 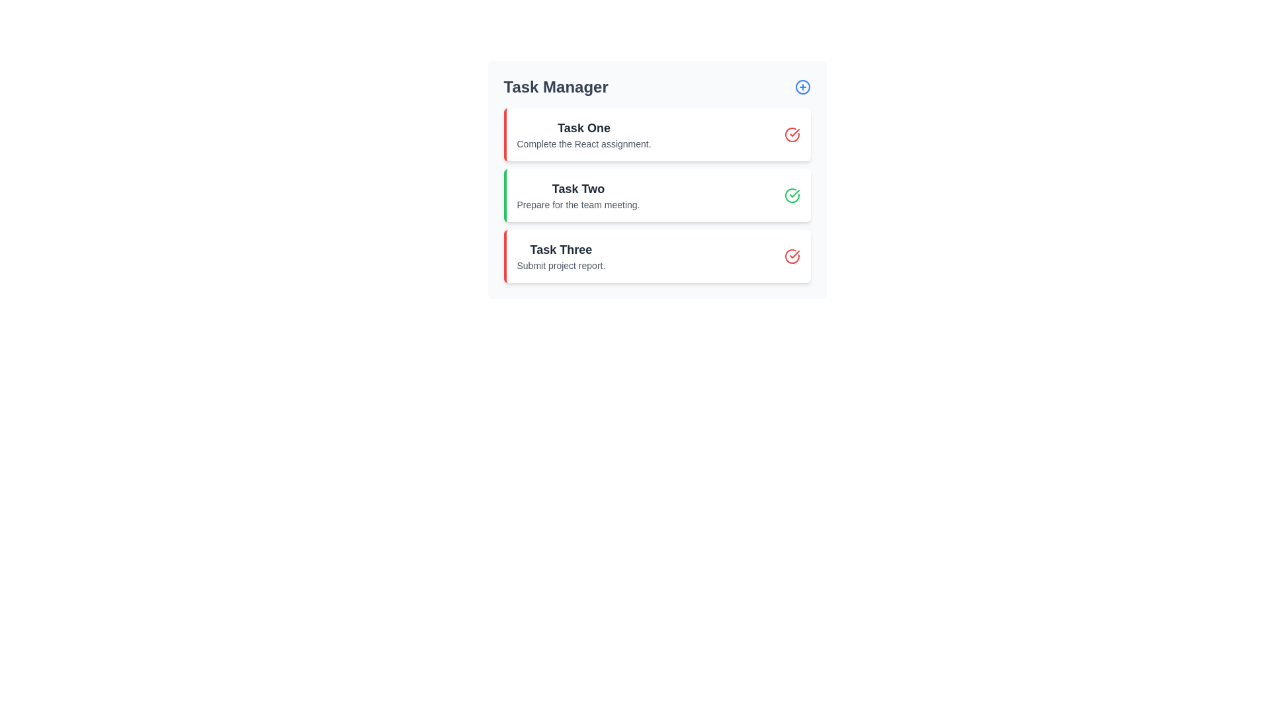 What do you see at coordinates (658, 135) in the screenshot?
I see `the first task item in the 'Task Manager' section` at bounding box center [658, 135].